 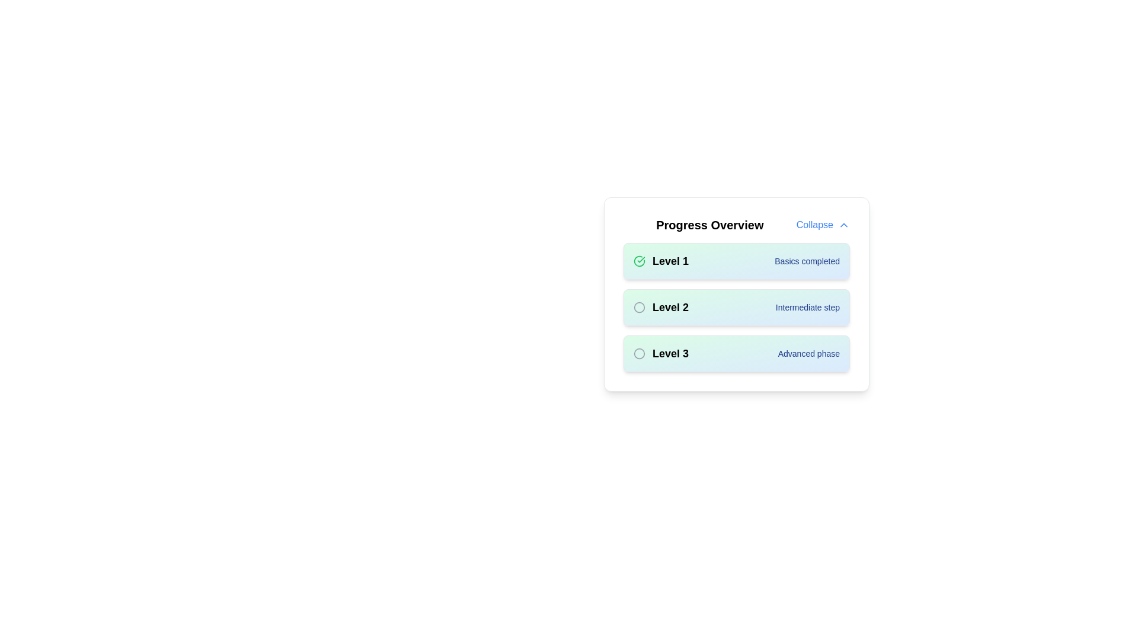 I want to click on the Progress step indicator located in the center of the vertical list under the heading 'Progress Overview' and above the 'Level 3' section for navigation, so click(x=736, y=294).